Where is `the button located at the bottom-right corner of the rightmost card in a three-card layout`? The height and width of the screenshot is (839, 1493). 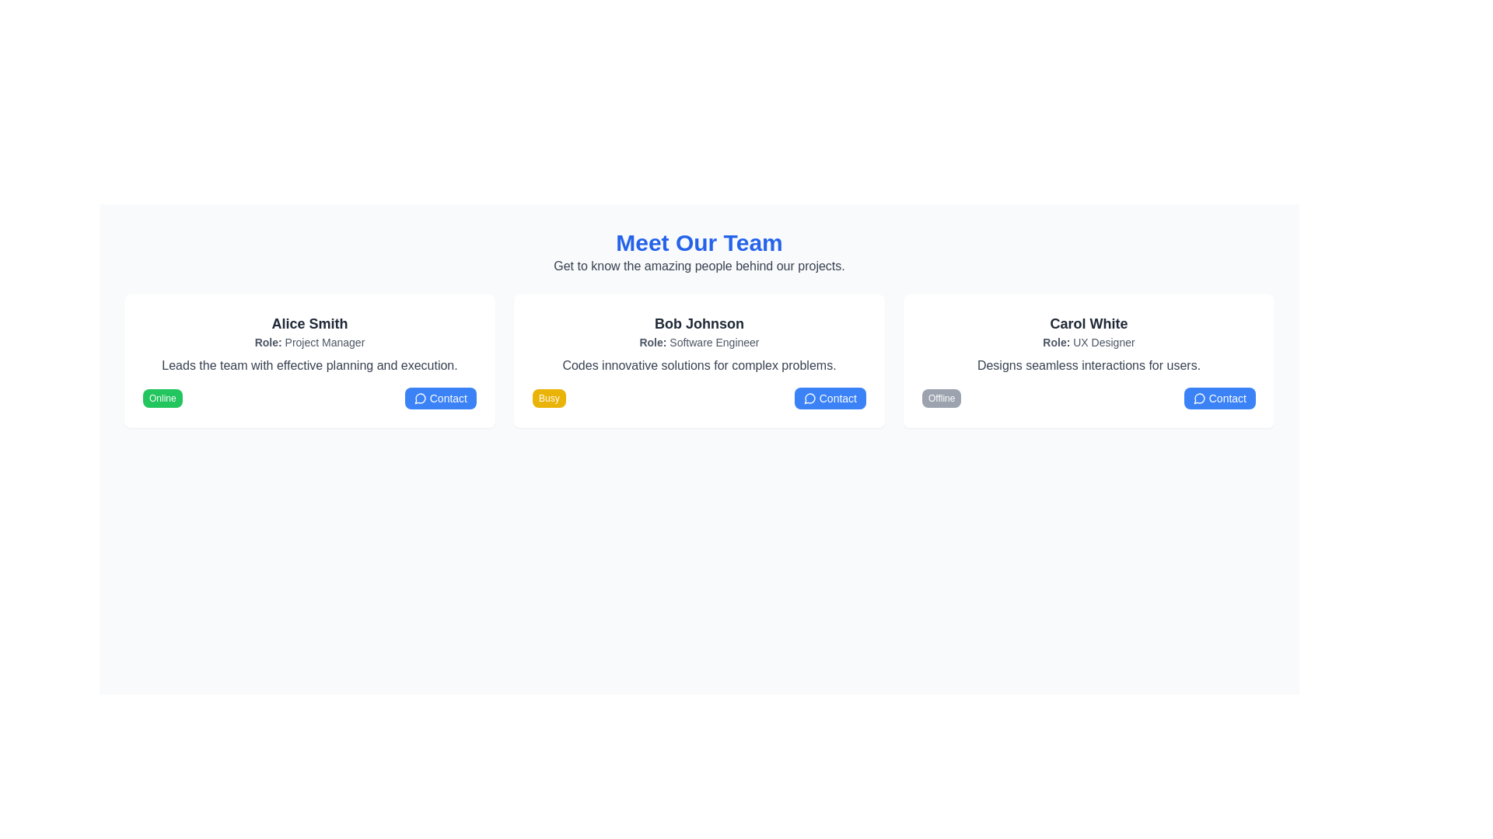
the button located at the bottom-right corner of the rightmost card in a three-card layout is located at coordinates (1219, 398).